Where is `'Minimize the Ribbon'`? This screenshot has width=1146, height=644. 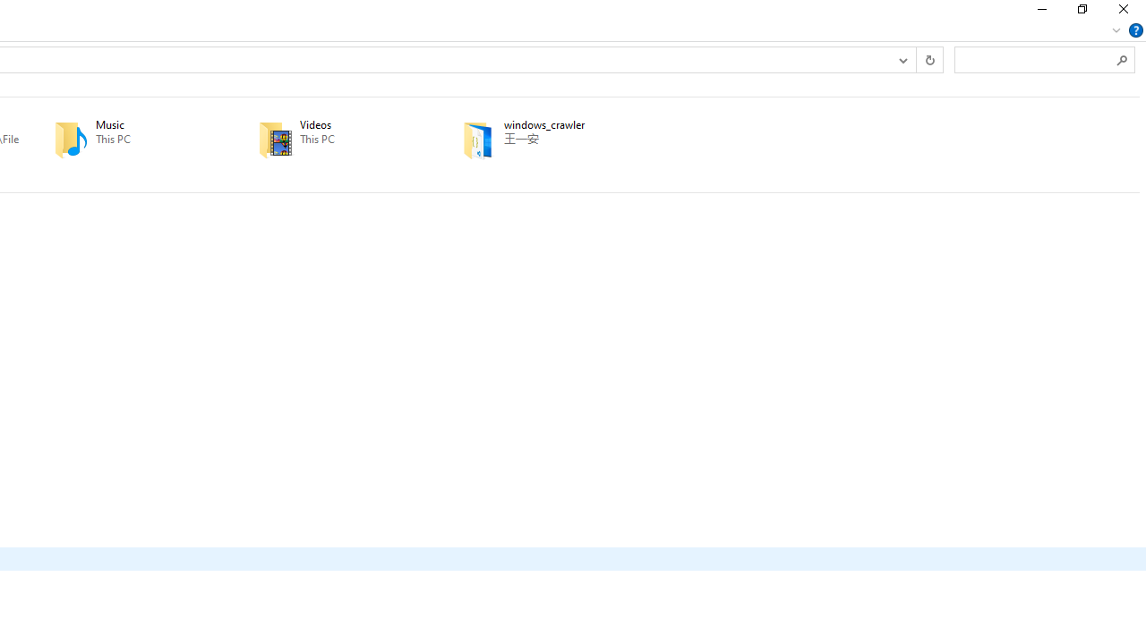 'Minimize the Ribbon' is located at coordinates (1116, 30).